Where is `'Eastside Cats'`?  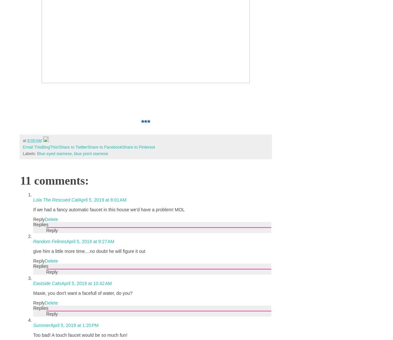
'Eastside Cats' is located at coordinates (33, 283).